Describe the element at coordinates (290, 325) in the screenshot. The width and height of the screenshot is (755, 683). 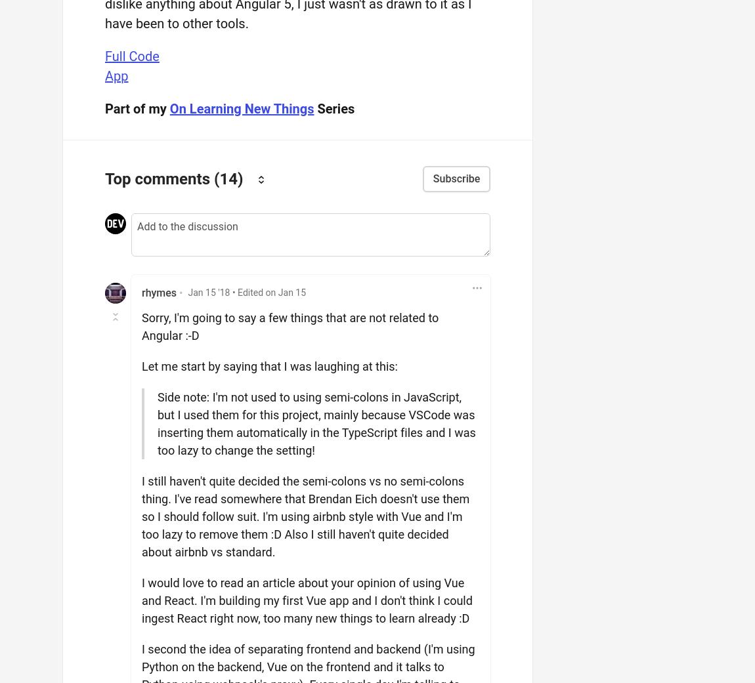
I see `'Sorry, I'm going to say a few things that are not related to Angular :-D'` at that location.